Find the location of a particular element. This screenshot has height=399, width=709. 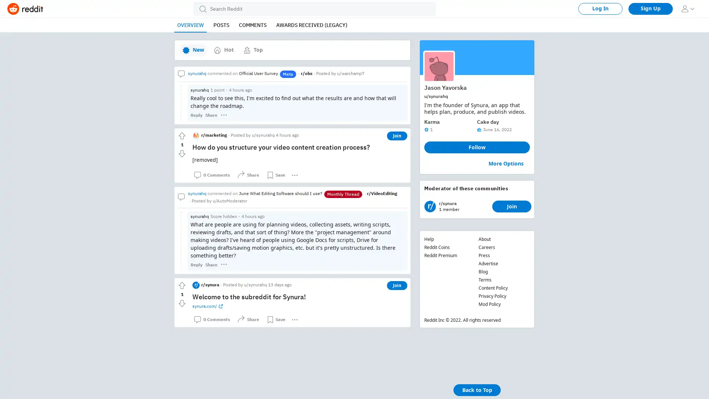

New is located at coordinates (193, 50).